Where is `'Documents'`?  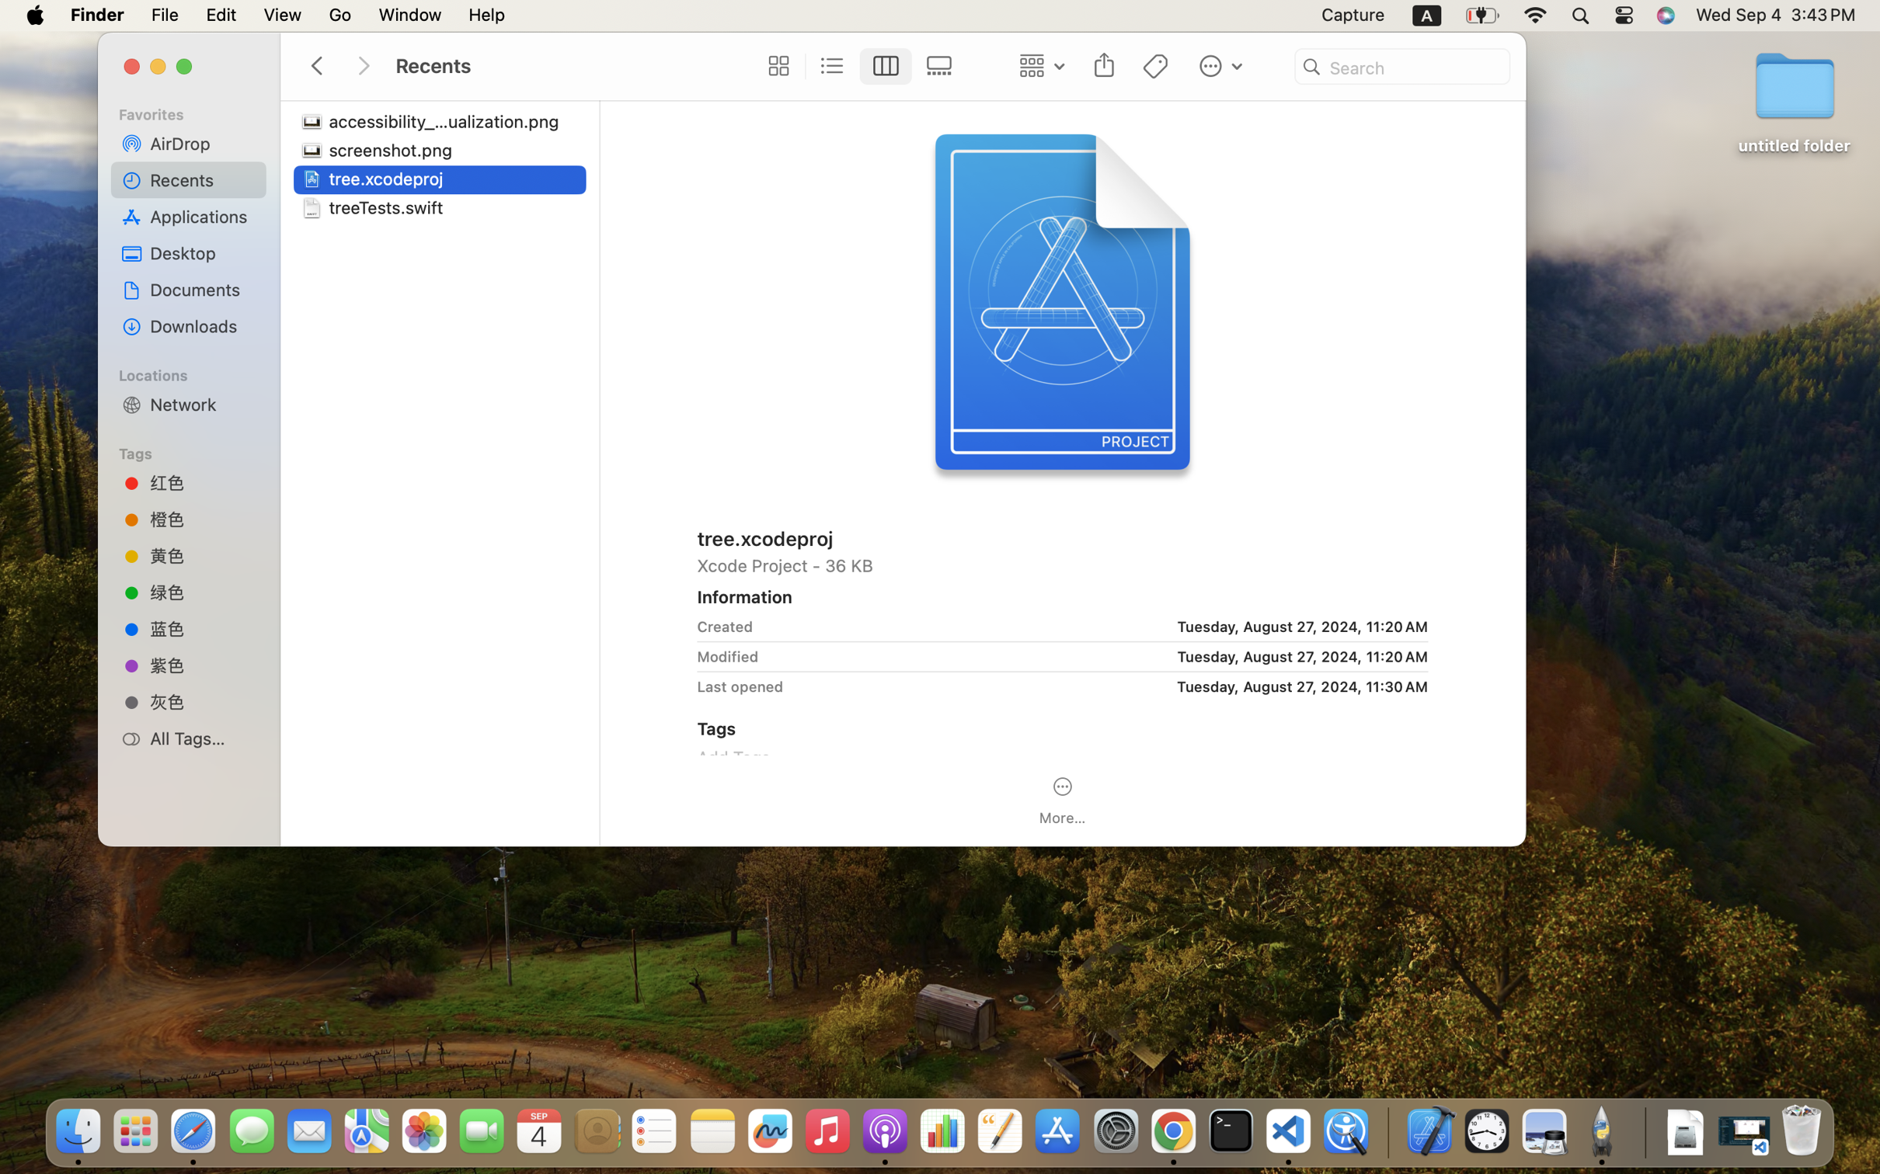
'Documents' is located at coordinates (202, 290).